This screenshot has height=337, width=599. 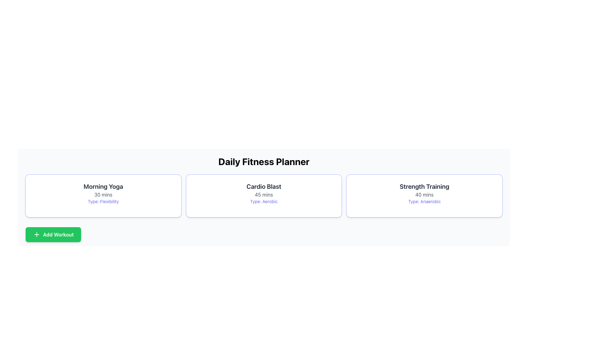 What do you see at coordinates (424, 194) in the screenshot?
I see `the static text displaying '40 mins' which is located in the card labeled 'Strength Training', positioned between 'Strength Training' at the top and 'Type: Anaerobic' at the bottom` at bounding box center [424, 194].